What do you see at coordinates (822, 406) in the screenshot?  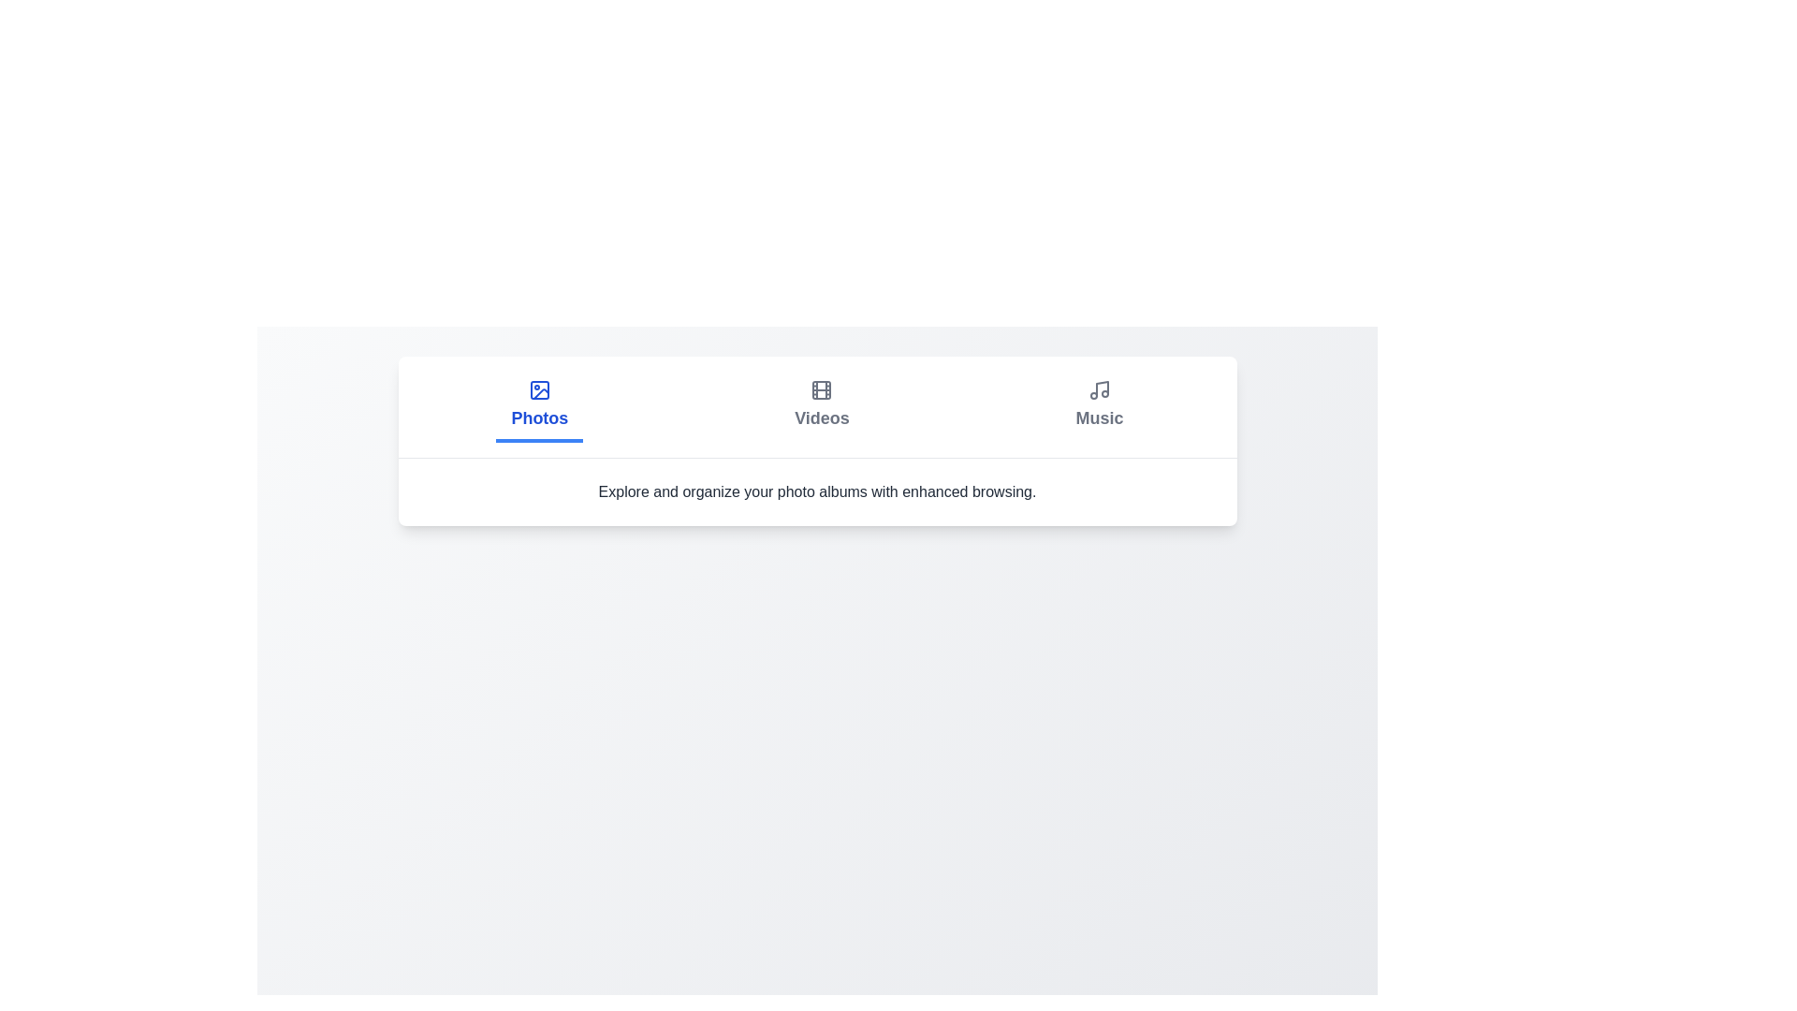 I see `the Videos tab by clicking on it` at bounding box center [822, 406].